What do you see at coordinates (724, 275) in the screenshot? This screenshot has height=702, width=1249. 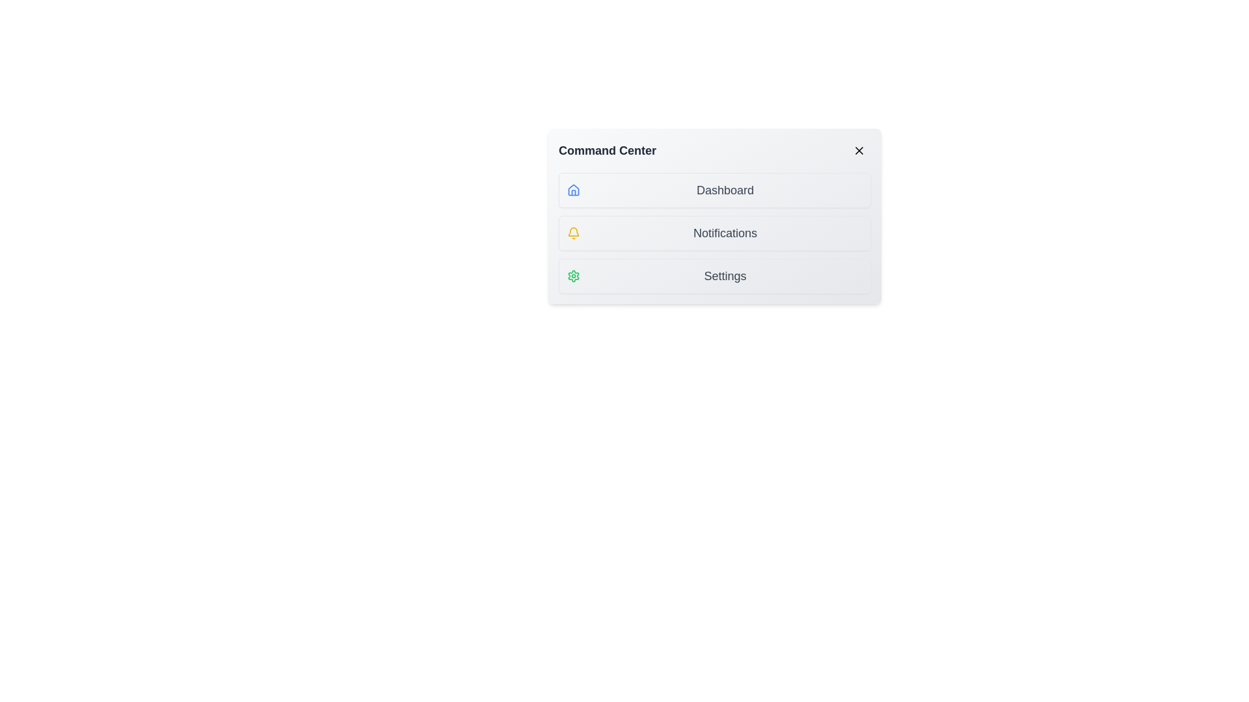 I see `the 'Settings' label, which is located beneath the header 'Command Center' and is the third item in the vertical stack of options` at bounding box center [724, 275].